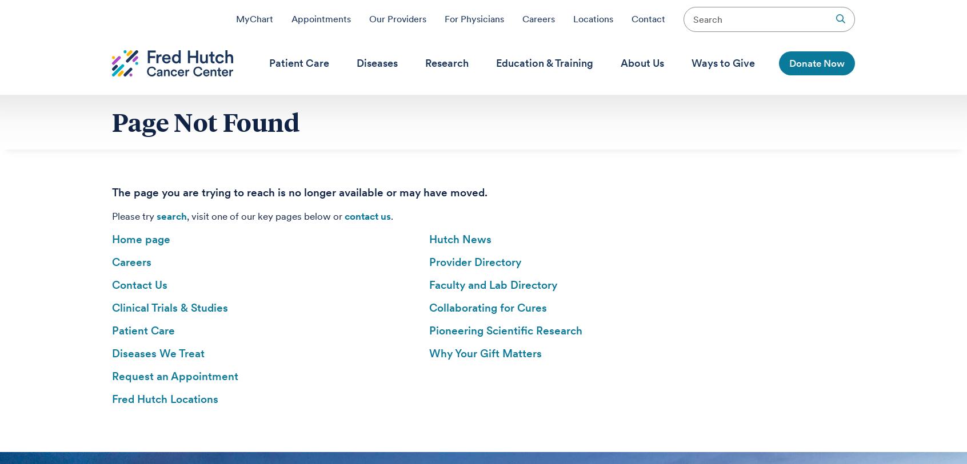 The height and width of the screenshot is (464, 967). I want to click on 'The page you are trying to reach is no longer available or may have moved.', so click(111, 192).